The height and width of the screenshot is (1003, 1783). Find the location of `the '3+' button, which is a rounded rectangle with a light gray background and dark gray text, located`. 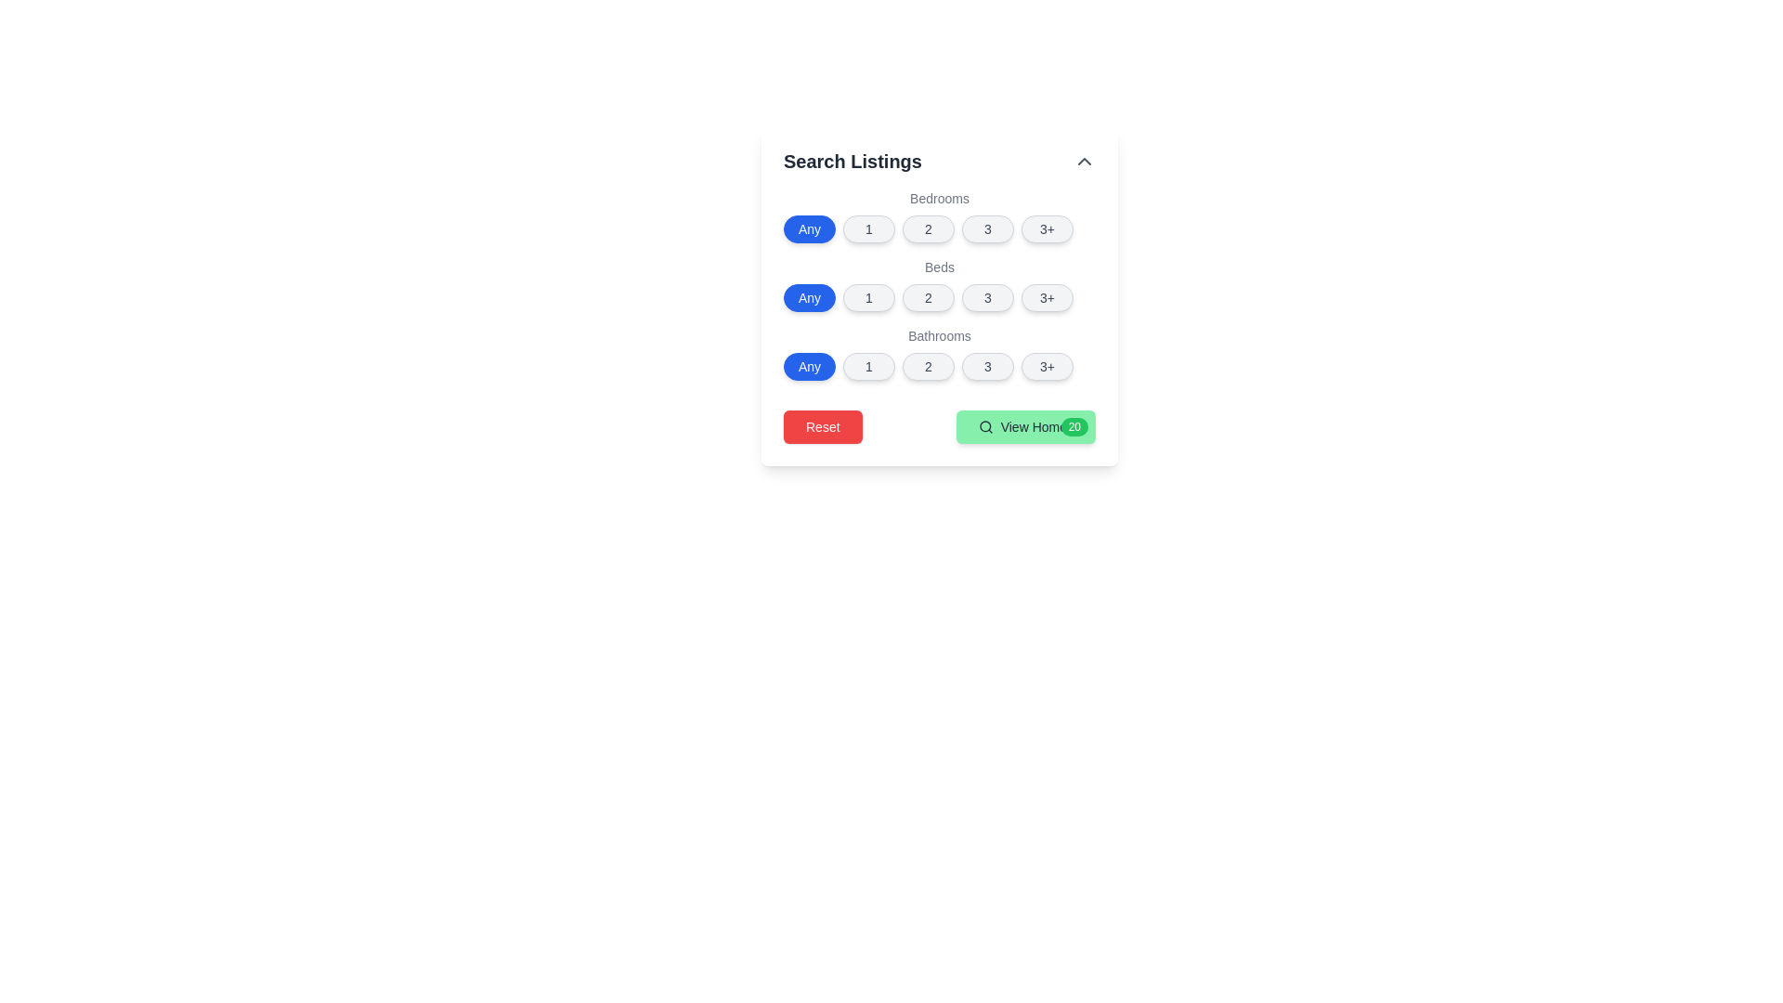

the '3+' button, which is a rounded rectangle with a light gray background and dark gray text, located is located at coordinates (1048, 228).